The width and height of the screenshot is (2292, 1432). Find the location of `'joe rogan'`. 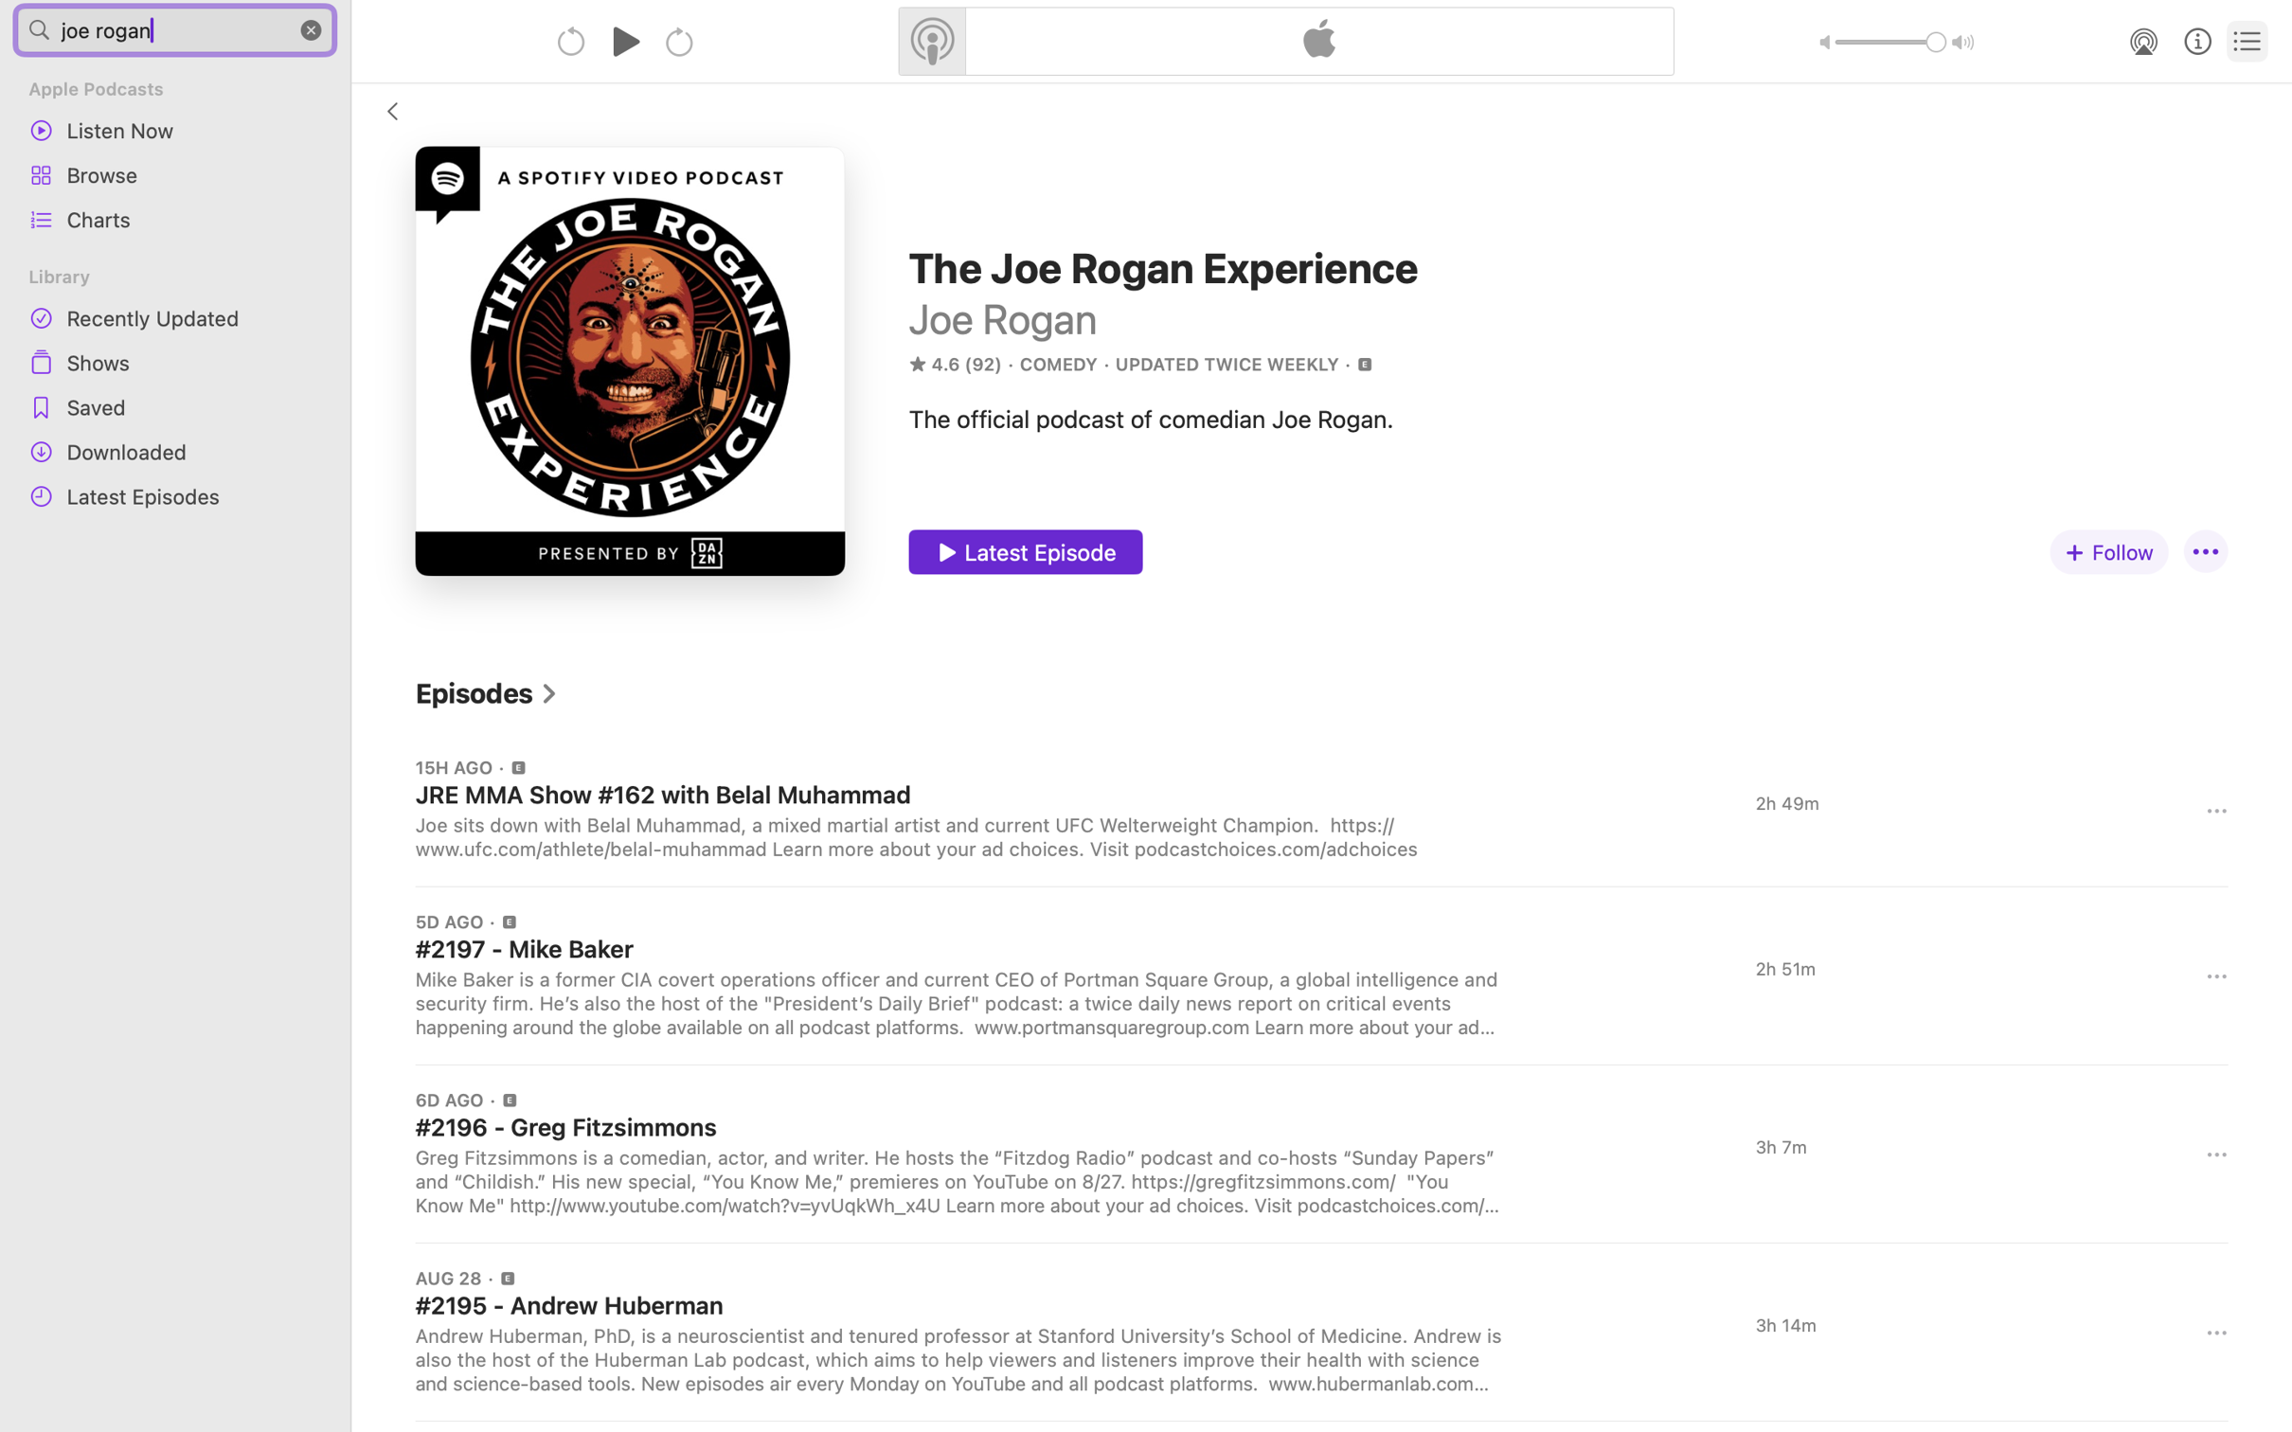

'joe rogan' is located at coordinates (175, 28).